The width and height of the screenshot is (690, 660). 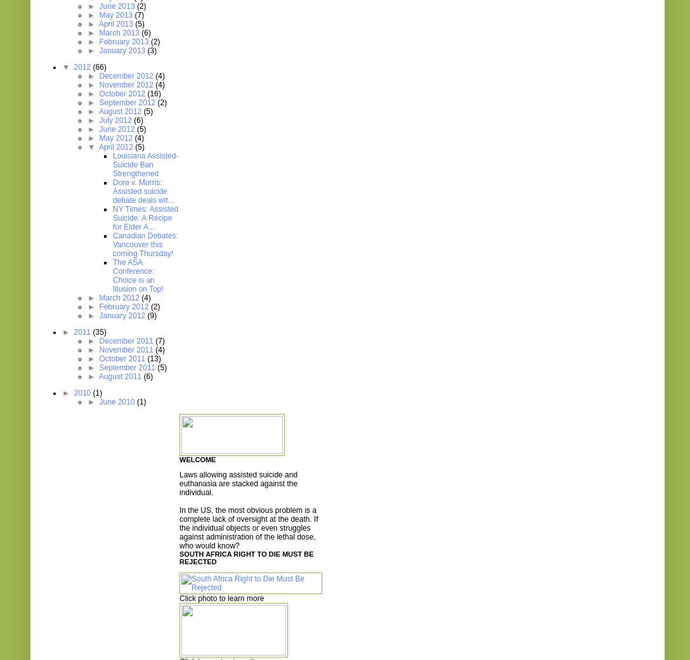 What do you see at coordinates (153, 358) in the screenshot?
I see `'(13)'` at bounding box center [153, 358].